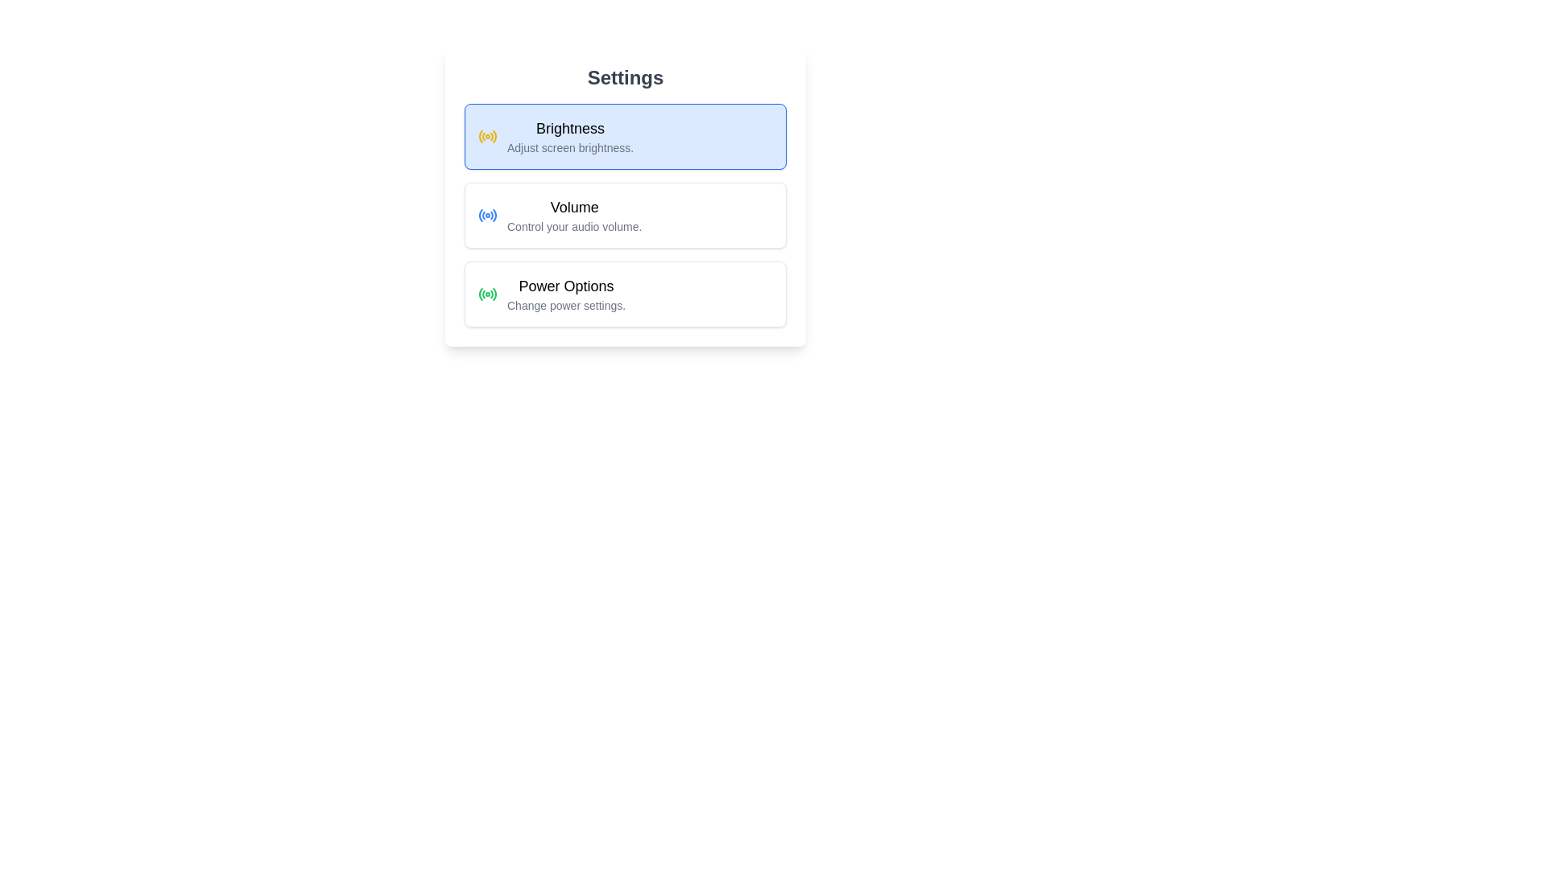 Image resolution: width=1546 pixels, height=869 pixels. Describe the element at coordinates (486, 135) in the screenshot. I see `the Brightness icon, which is positioned at the top of the options list, adjacent to the title 'Brightness'` at that location.